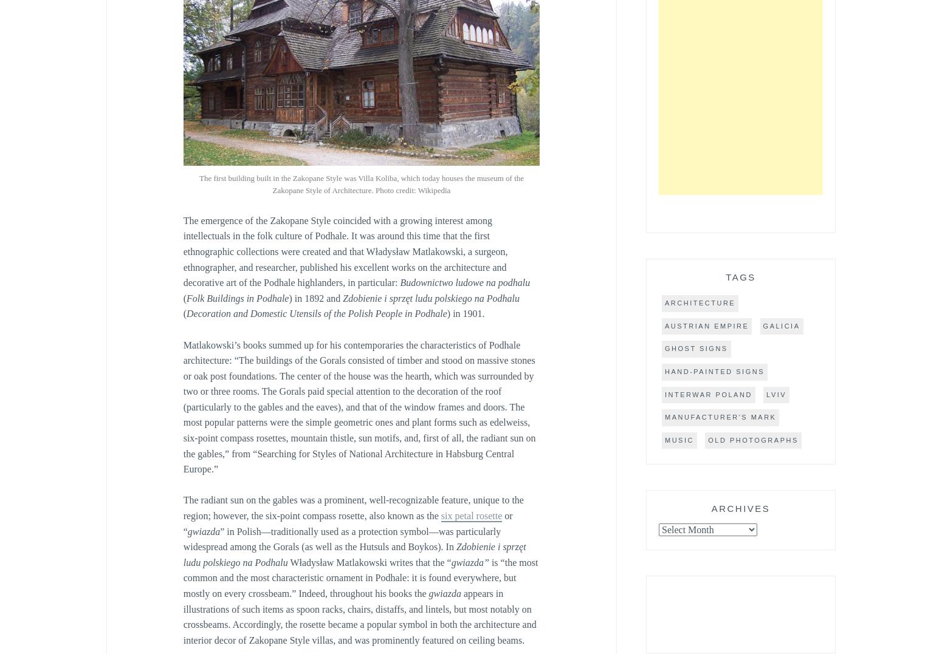  What do you see at coordinates (740, 507) in the screenshot?
I see `'Archives'` at bounding box center [740, 507].